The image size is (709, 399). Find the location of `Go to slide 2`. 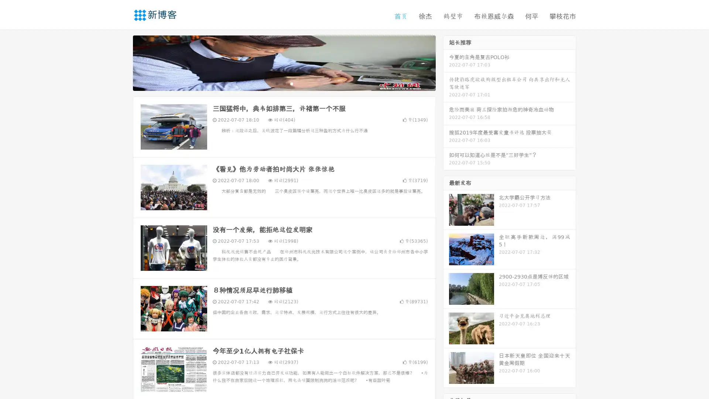

Go to slide 2 is located at coordinates (284, 83).